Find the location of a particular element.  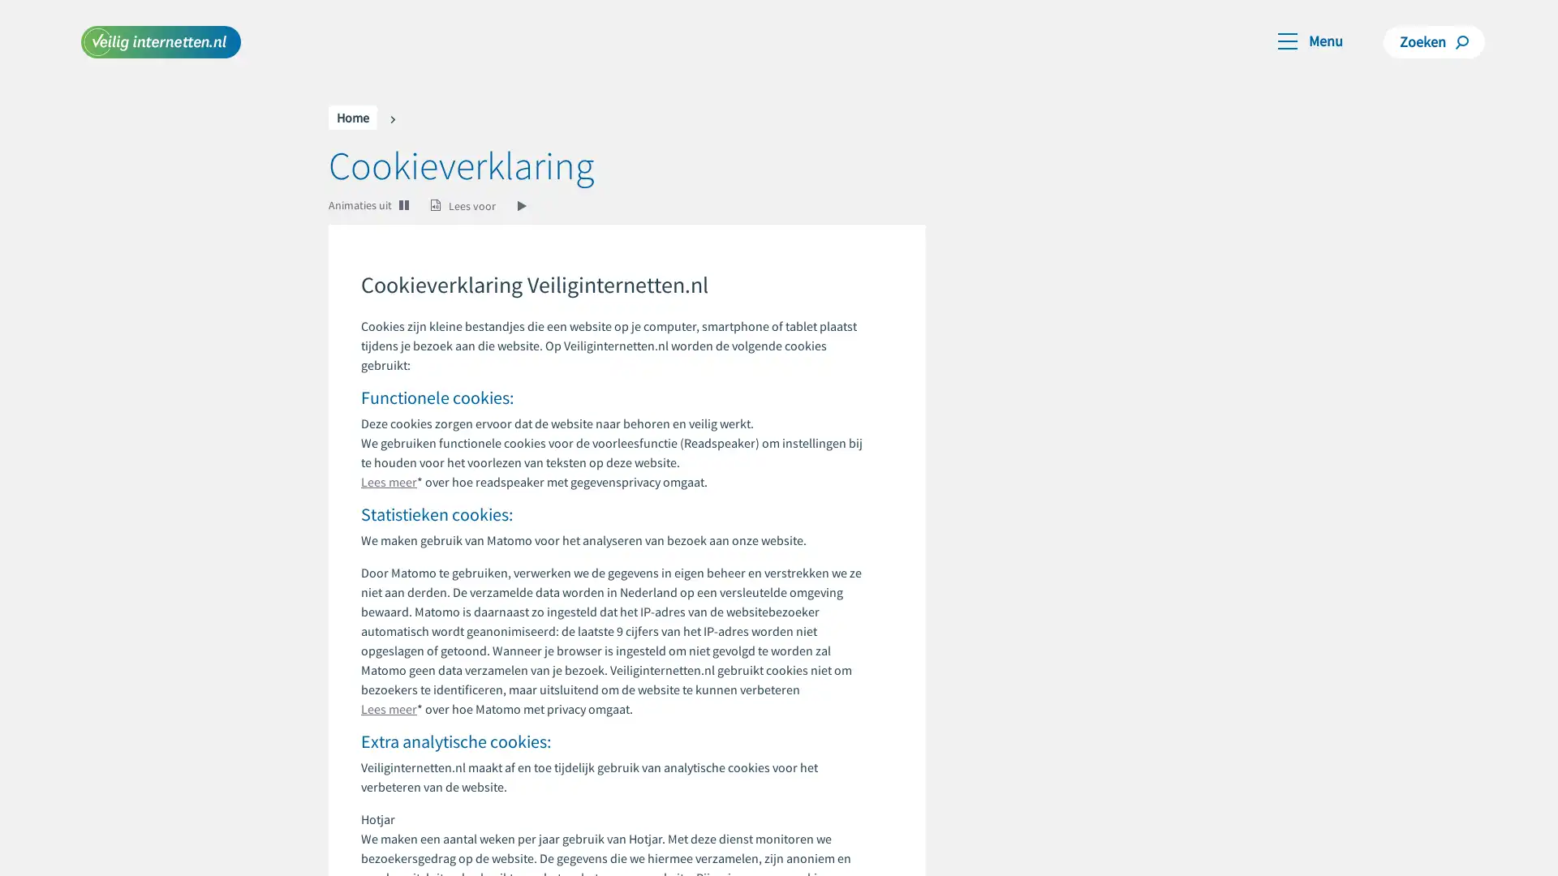

Toggle navigation Menu is located at coordinates (1310, 39).